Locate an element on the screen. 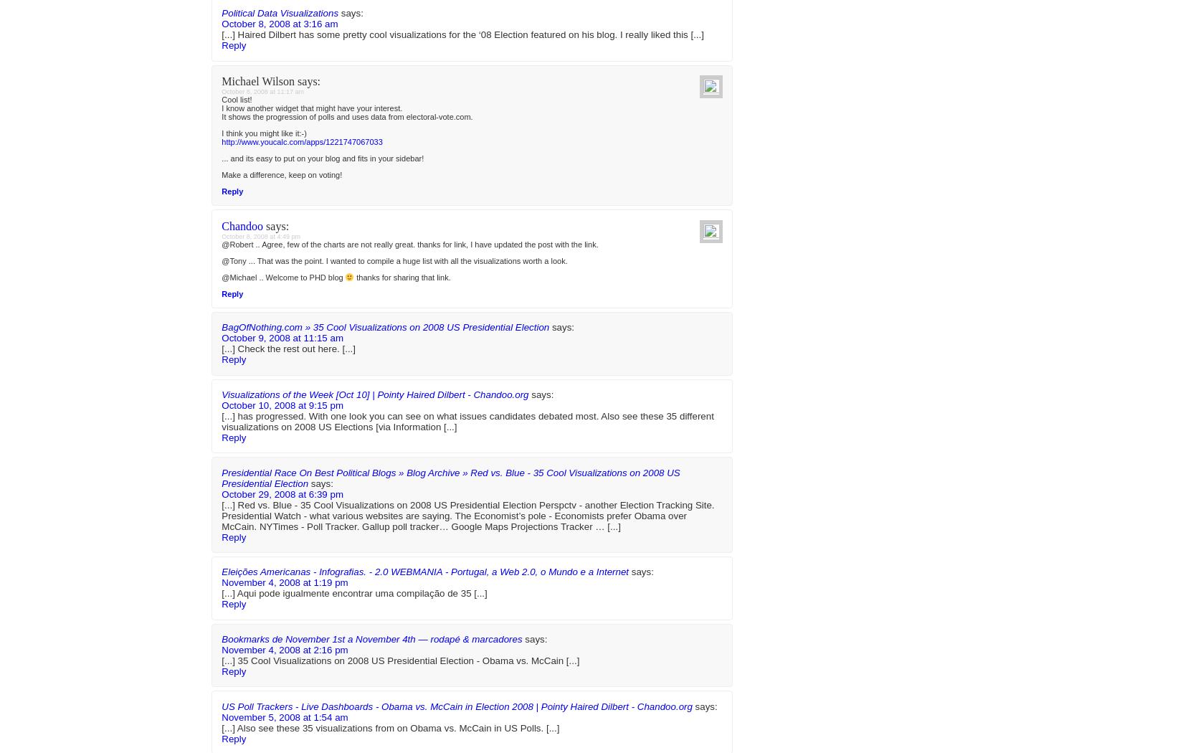 The height and width of the screenshot is (753, 1183). 'How to make stream graphs in Excel?' is located at coordinates (830, 29).